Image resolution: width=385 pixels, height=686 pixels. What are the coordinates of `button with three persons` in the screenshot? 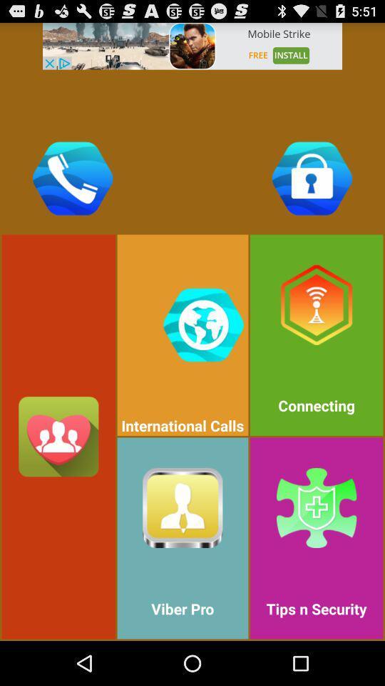 It's located at (58, 436).